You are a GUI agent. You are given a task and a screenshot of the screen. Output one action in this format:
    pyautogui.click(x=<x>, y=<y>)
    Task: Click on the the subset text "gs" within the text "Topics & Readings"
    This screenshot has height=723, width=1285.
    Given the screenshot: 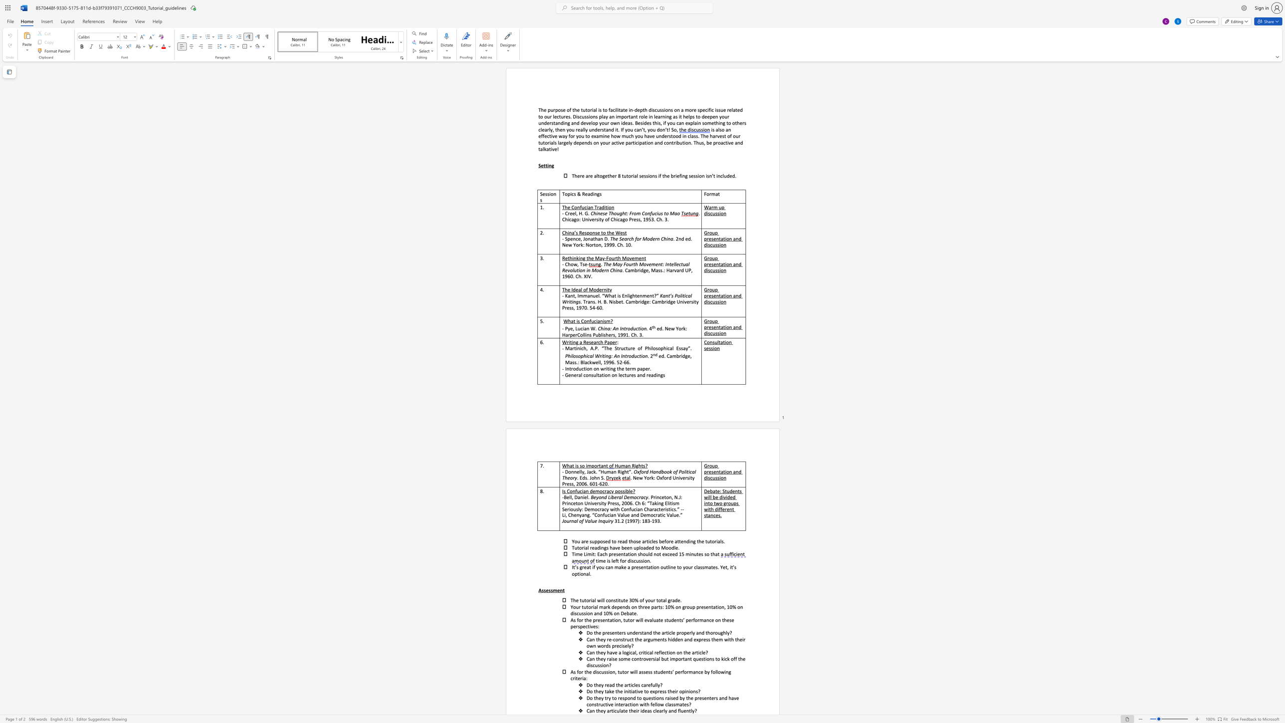 What is the action you would take?
    pyautogui.click(x=597, y=194)
    